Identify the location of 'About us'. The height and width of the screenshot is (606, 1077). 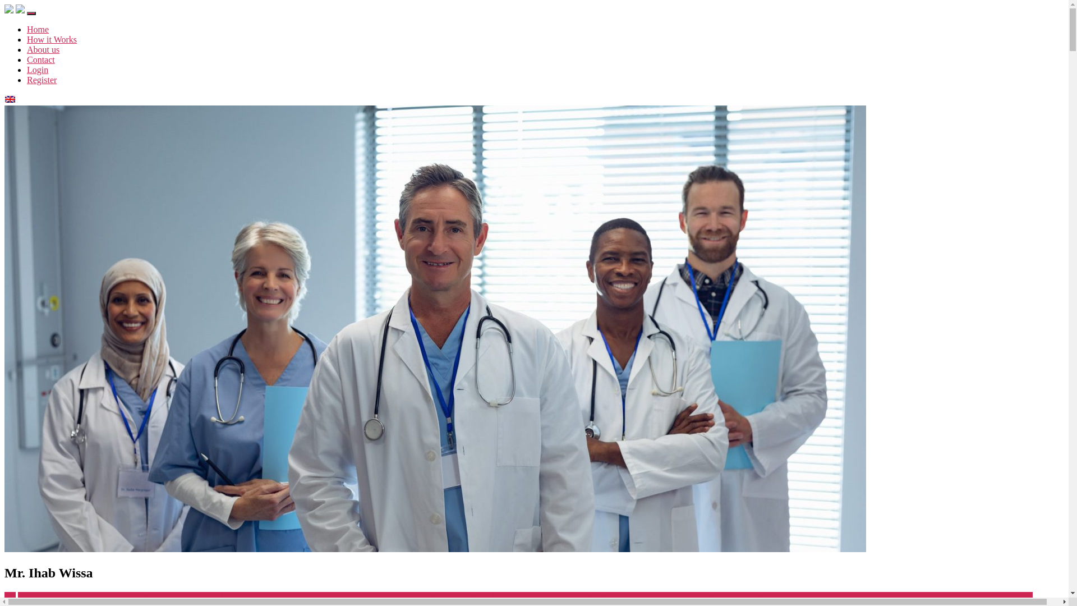
(43, 49).